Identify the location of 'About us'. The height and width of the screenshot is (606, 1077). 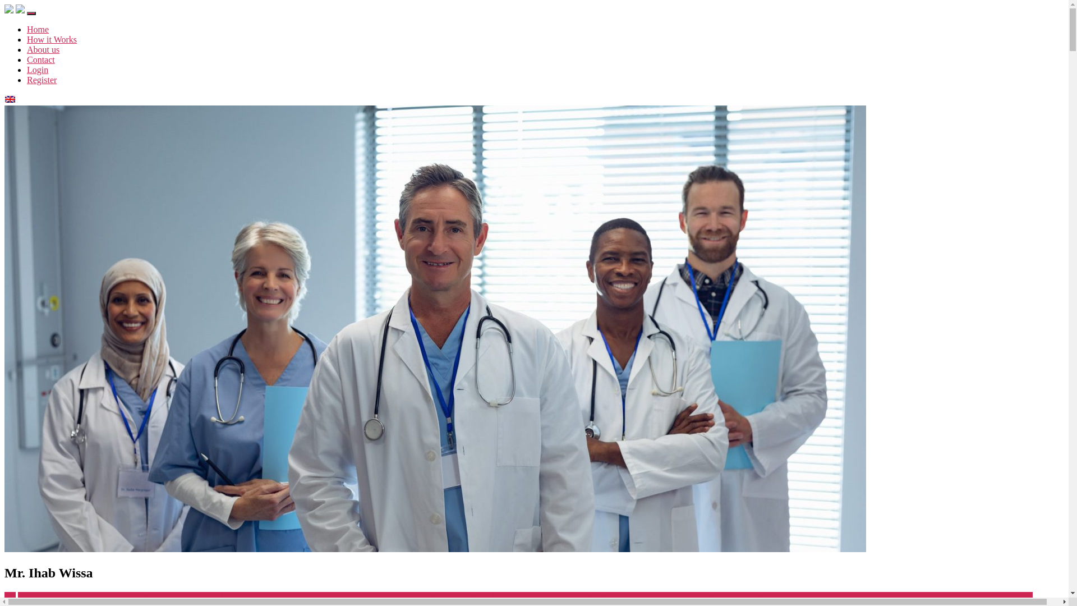
(43, 49).